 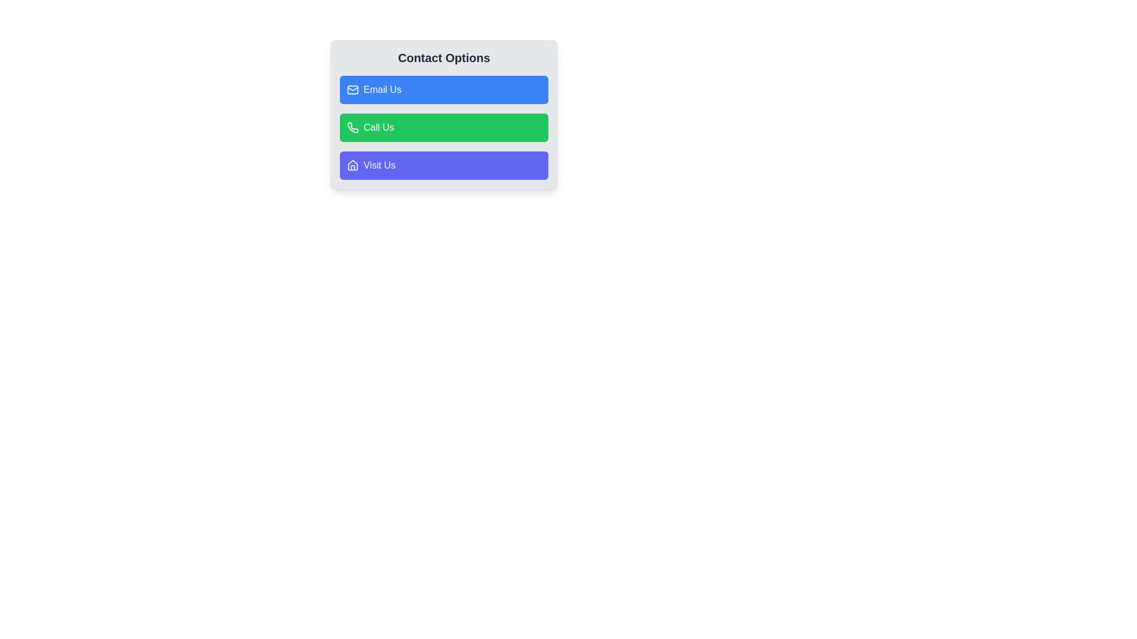 What do you see at coordinates (352, 89) in the screenshot?
I see `the visual enhancement provided by the blue rounded rectangular graphical component within the 'Email Us' button, which is part of the envelope icon` at bounding box center [352, 89].